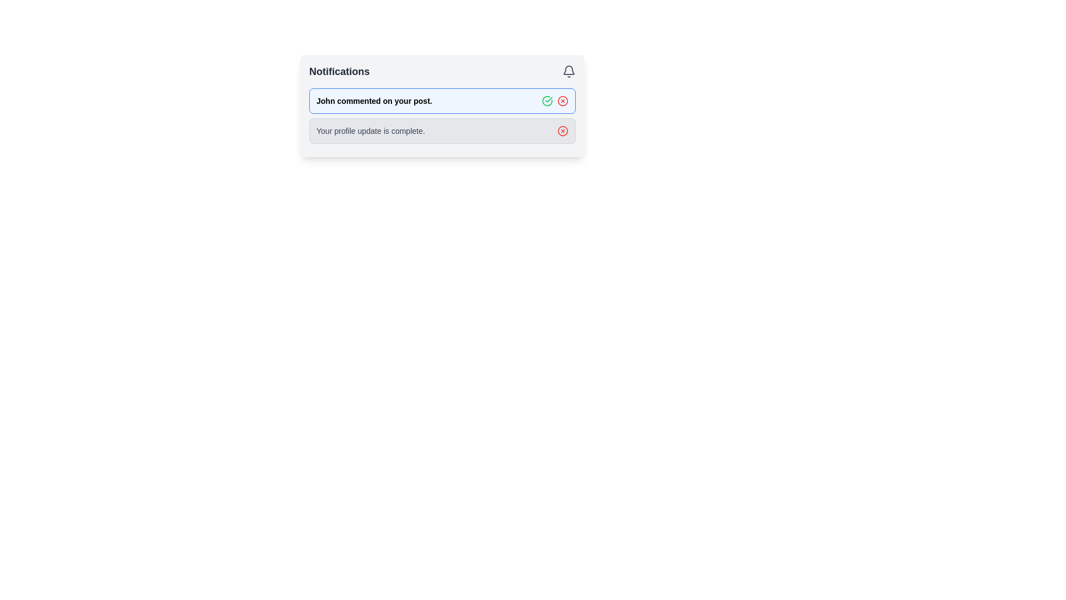 The image size is (1066, 600). What do you see at coordinates (562, 101) in the screenshot?
I see `the delete button located in the second notification item of the notifications list, positioned to the right of the green checkmark icon` at bounding box center [562, 101].